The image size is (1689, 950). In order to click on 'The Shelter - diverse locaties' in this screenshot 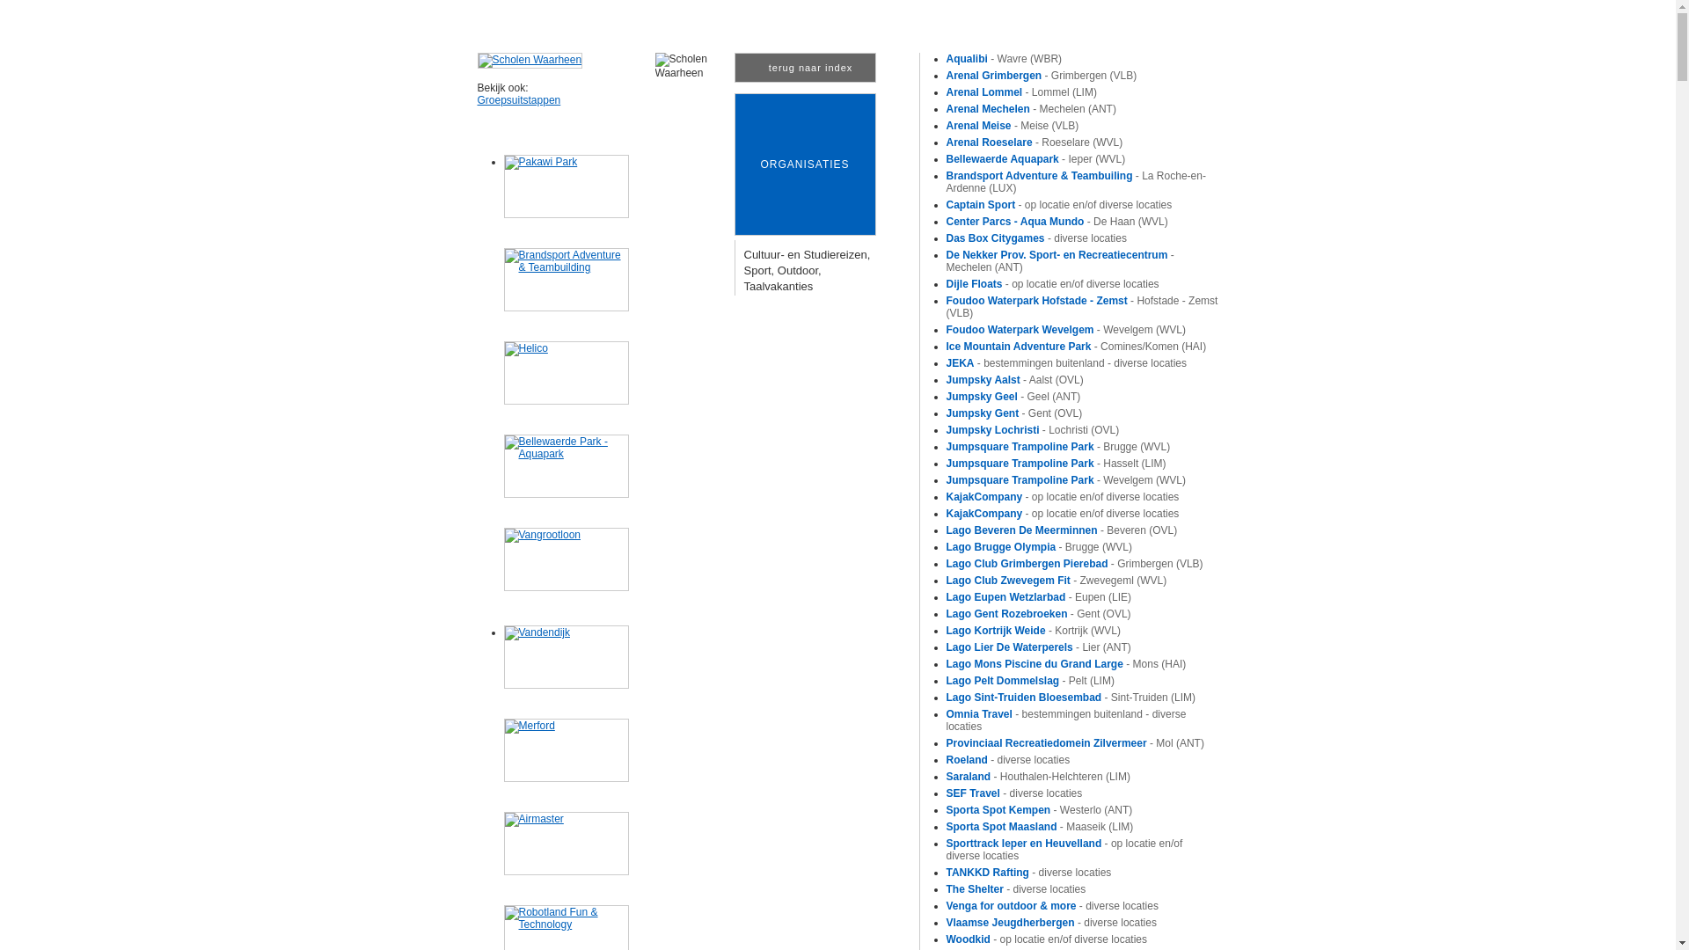, I will do `click(1016, 888)`.